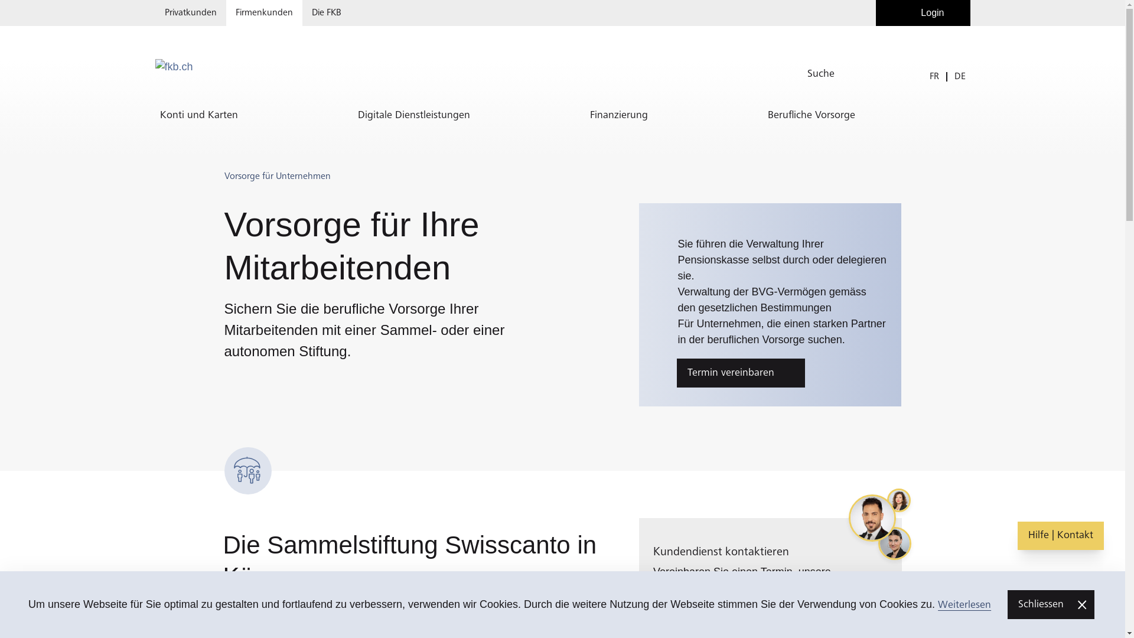 The height and width of the screenshot is (638, 1134). Describe the element at coordinates (413, 115) in the screenshot. I see `'Digitale Dienstleistungen'` at that location.